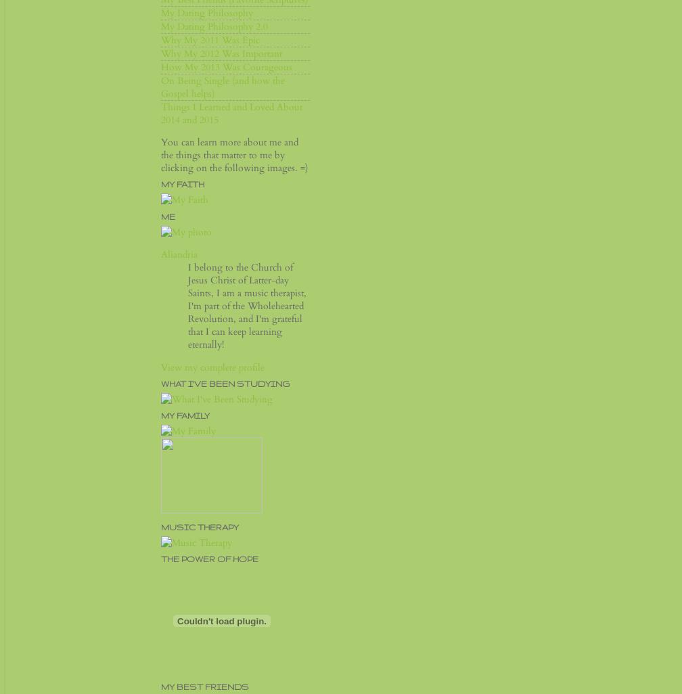  I want to click on 'Aliandria', so click(179, 254).